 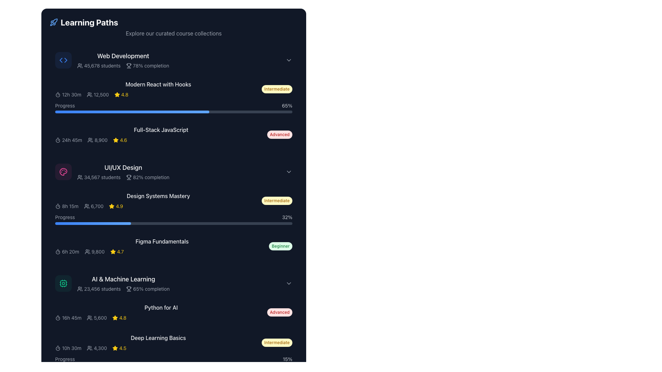 What do you see at coordinates (161, 318) in the screenshot?
I see `the information display row that shows the course's duration, participant count, and rating in the 'Python for AI' course section under 'AI & Machine Learning'` at bounding box center [161, 318].